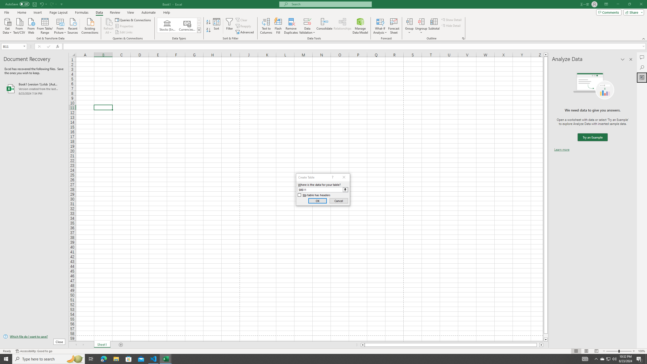 The width and height of the screenshot is (647, 364). Describe the element at coordinates (629, 4) in the screenshot. I see `'Restore Down'` at that location.